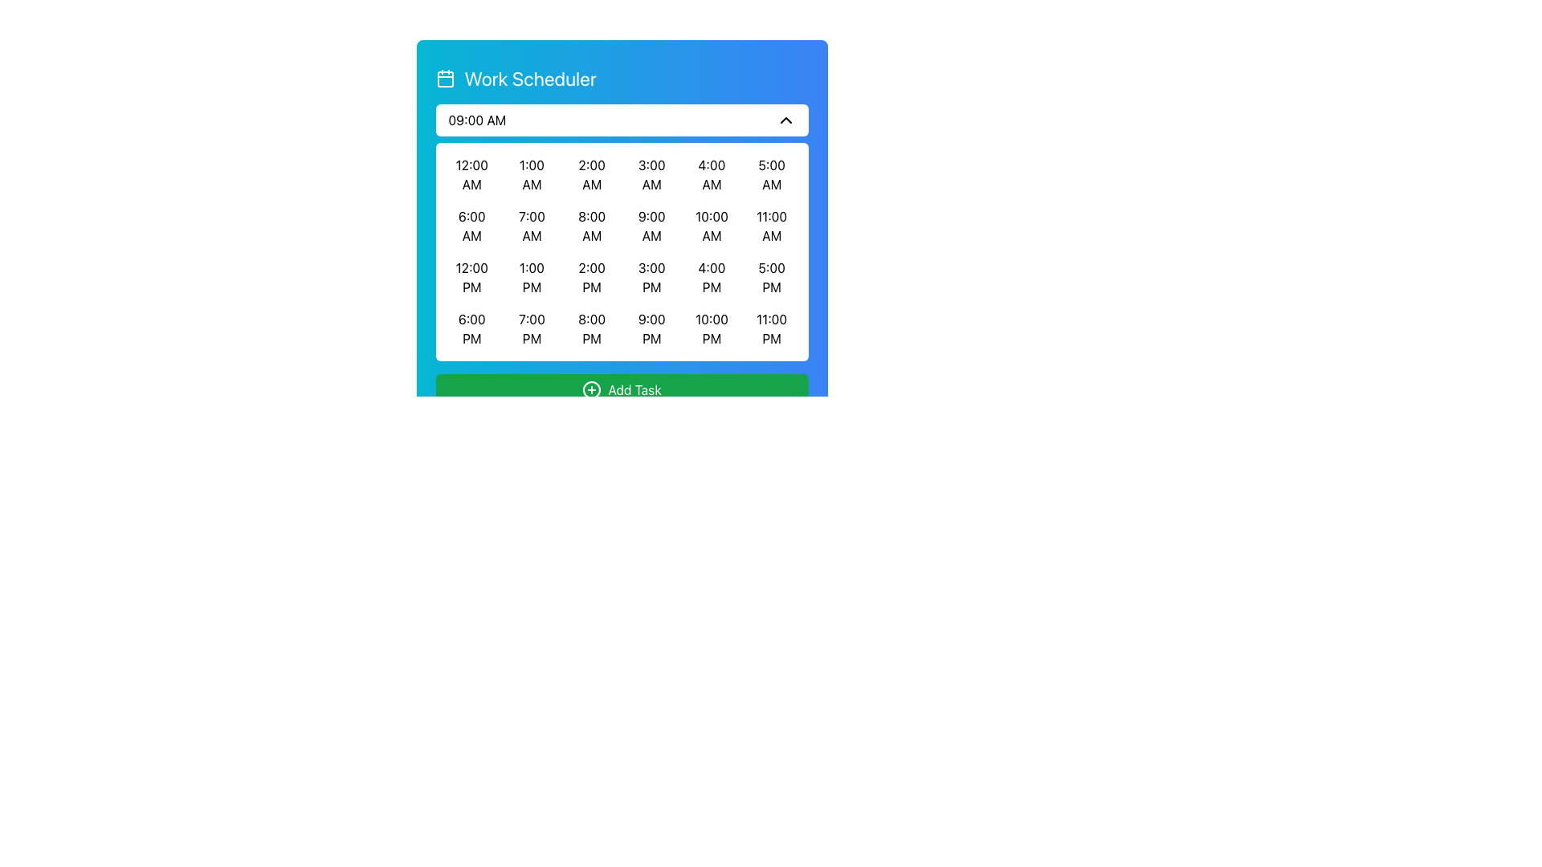 This screenshot has width=1542, height=867. What do you see at coordinates (591, 328) in the screenshot?
I see `the interactive button displaying '8:00 PM' in the Work Scheduler interface` at bounding box center [591, 328].